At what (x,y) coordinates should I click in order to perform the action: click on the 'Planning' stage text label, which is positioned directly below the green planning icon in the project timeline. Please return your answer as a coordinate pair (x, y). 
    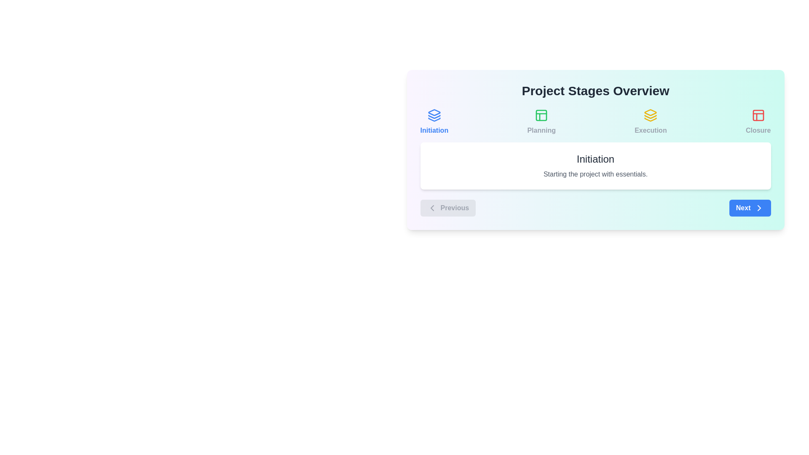
    Looking at the image, I should click on (541, 130).